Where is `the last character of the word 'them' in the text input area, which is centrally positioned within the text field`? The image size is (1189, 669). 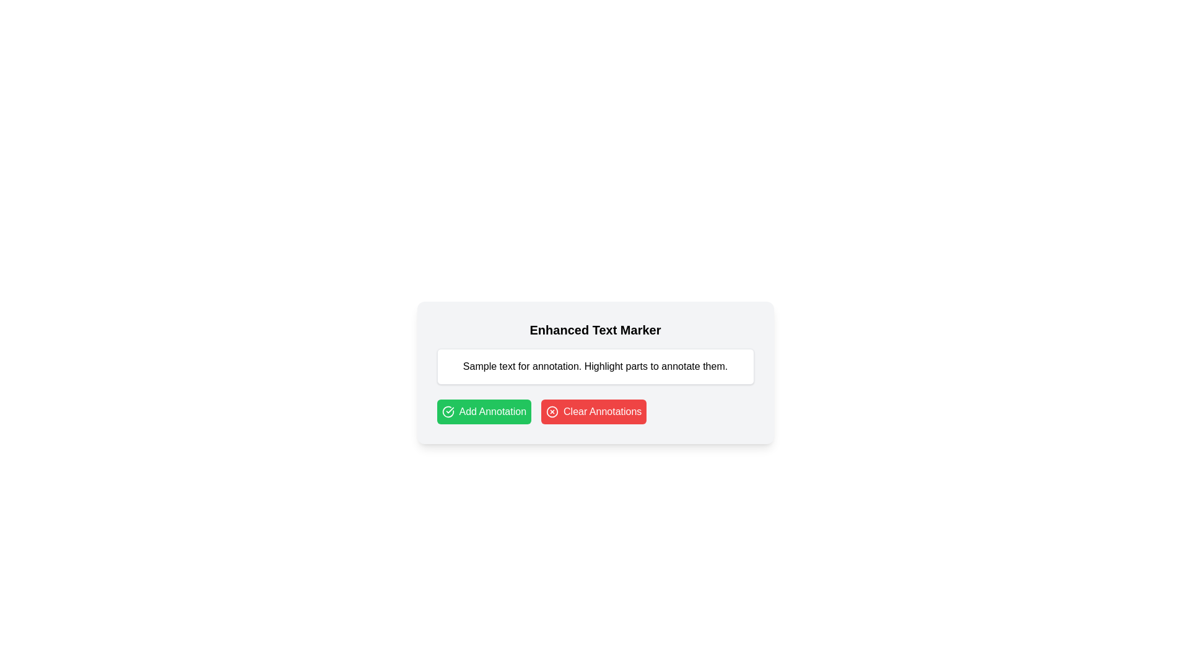 the last character of the word 'them' in the text input area, which is centrally positioned within the text field is located at coordinates (713, 365).